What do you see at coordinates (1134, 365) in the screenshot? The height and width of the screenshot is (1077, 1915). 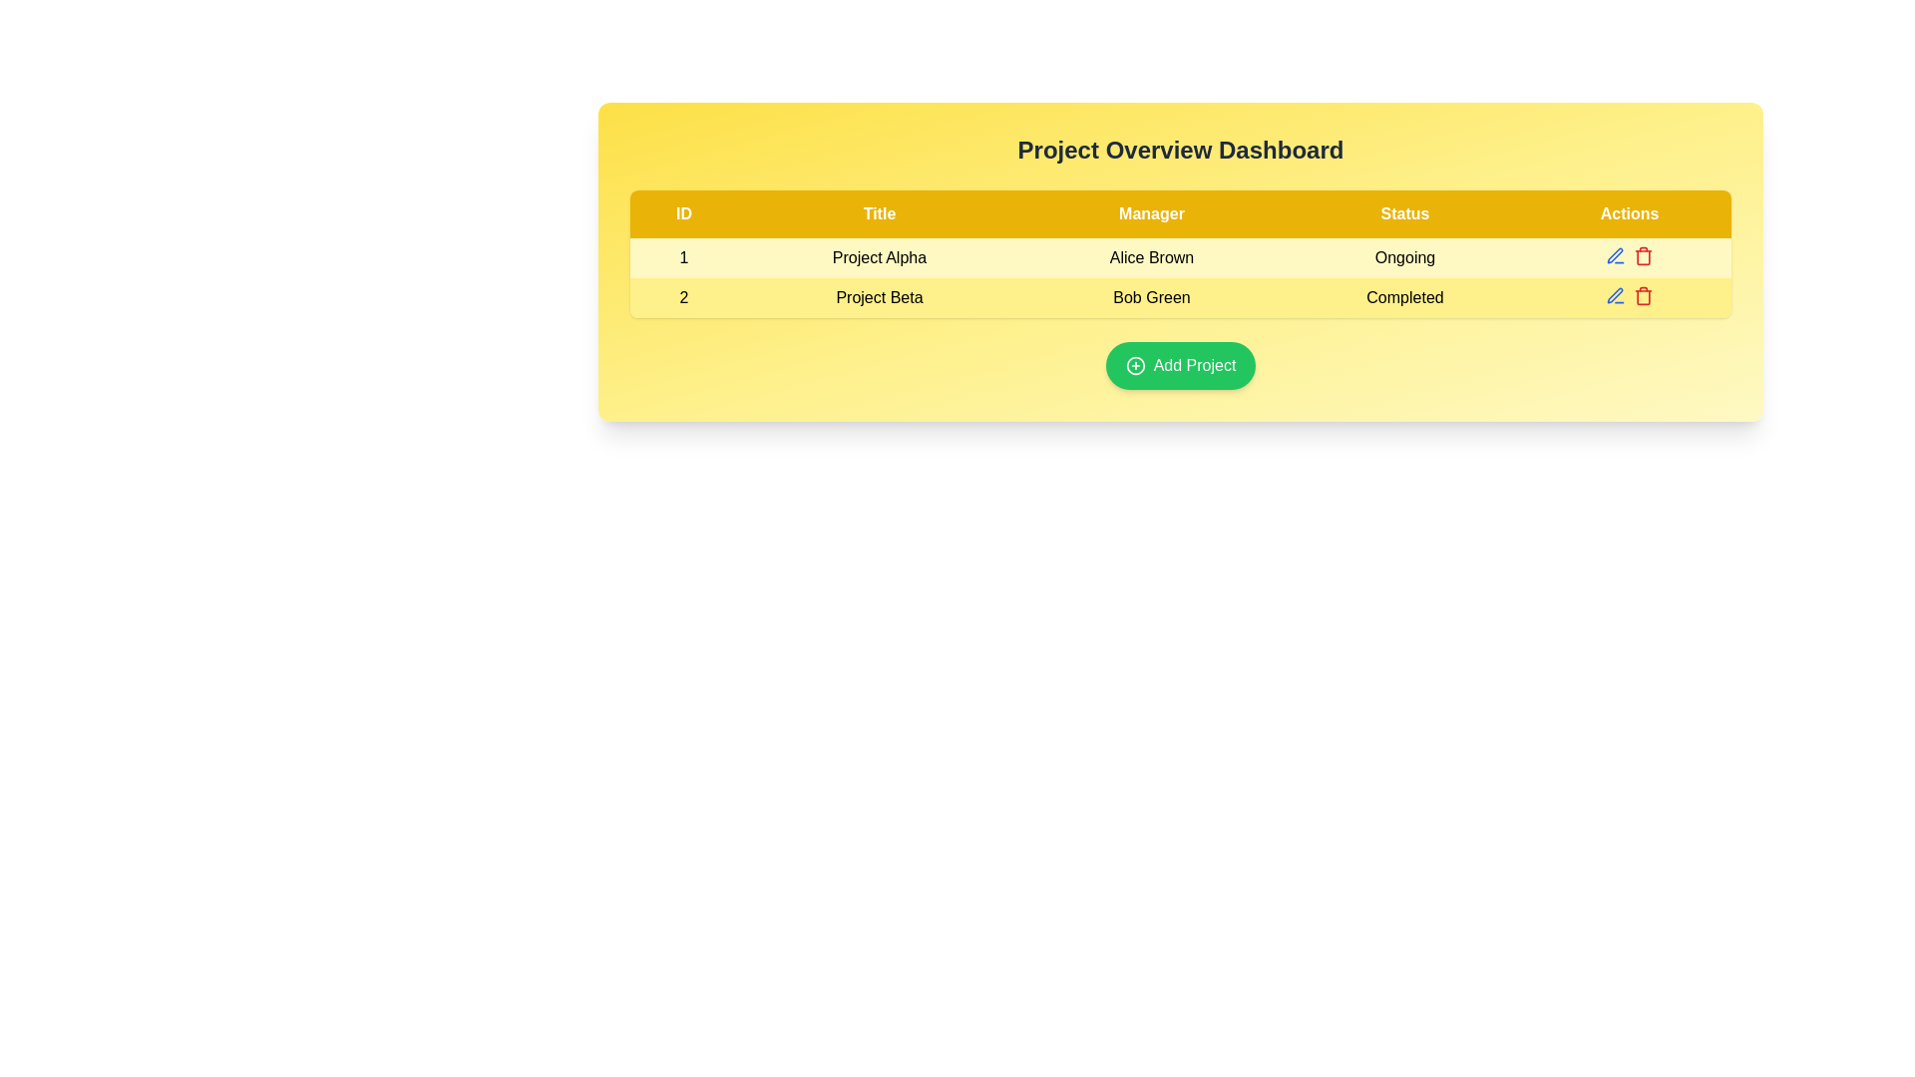 I see `the icon located within the green 'Add Project' button, which represents the addition of a new project` at bounding box center [1134, 365].